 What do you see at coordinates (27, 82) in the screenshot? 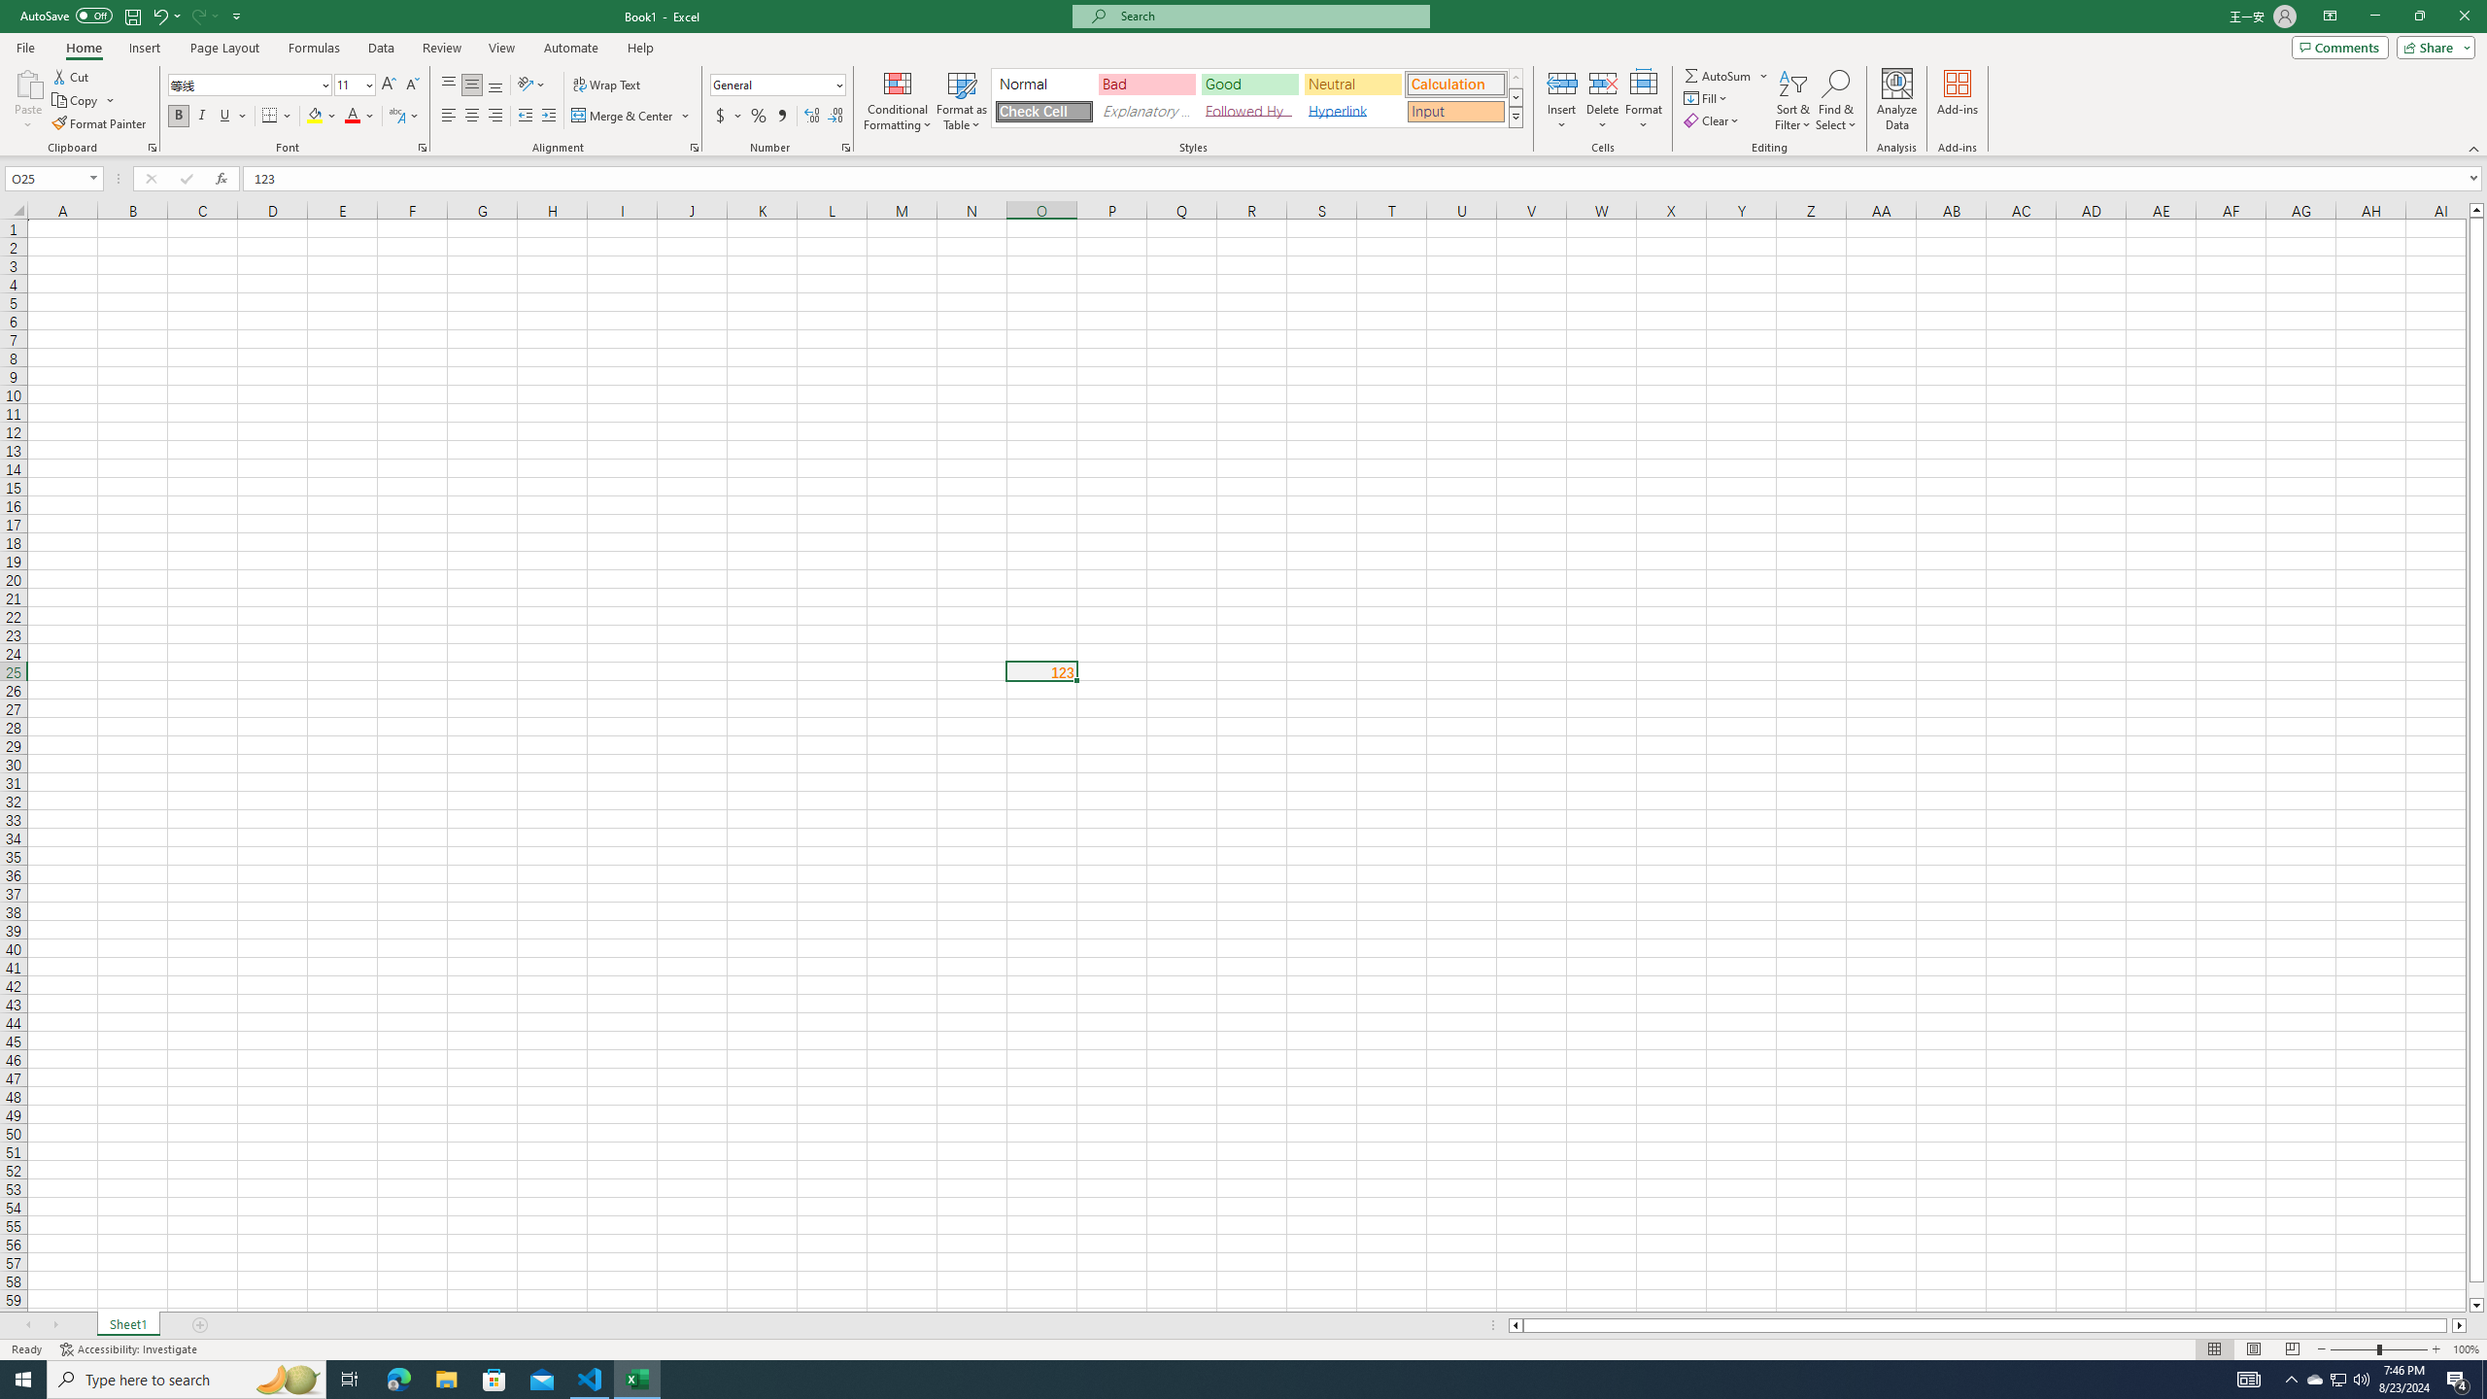
I see `'Paste'` at bounding box center [27, 82].